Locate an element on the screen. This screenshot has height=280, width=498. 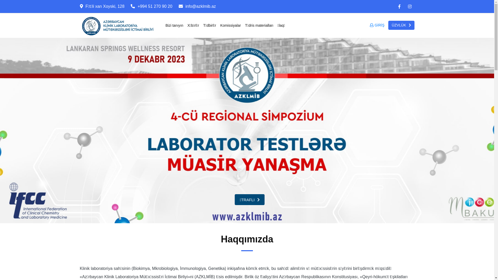
'Komissiyalar' is located at coordinates (230, 25).